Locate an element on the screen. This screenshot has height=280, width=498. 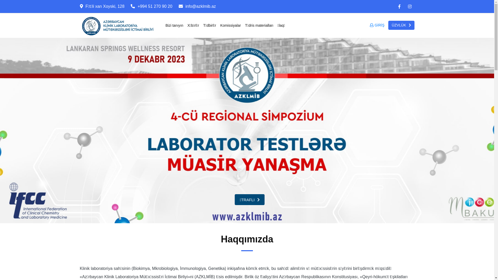
'Komissiyalar' is located at coordinates (230, 25).